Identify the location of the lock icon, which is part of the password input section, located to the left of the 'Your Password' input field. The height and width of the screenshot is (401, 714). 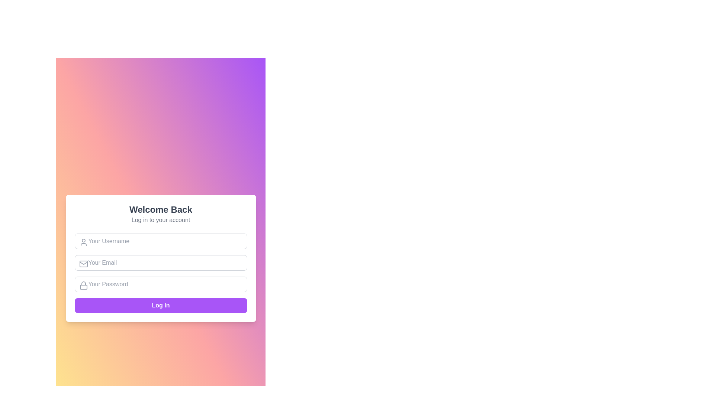
(83, 283).